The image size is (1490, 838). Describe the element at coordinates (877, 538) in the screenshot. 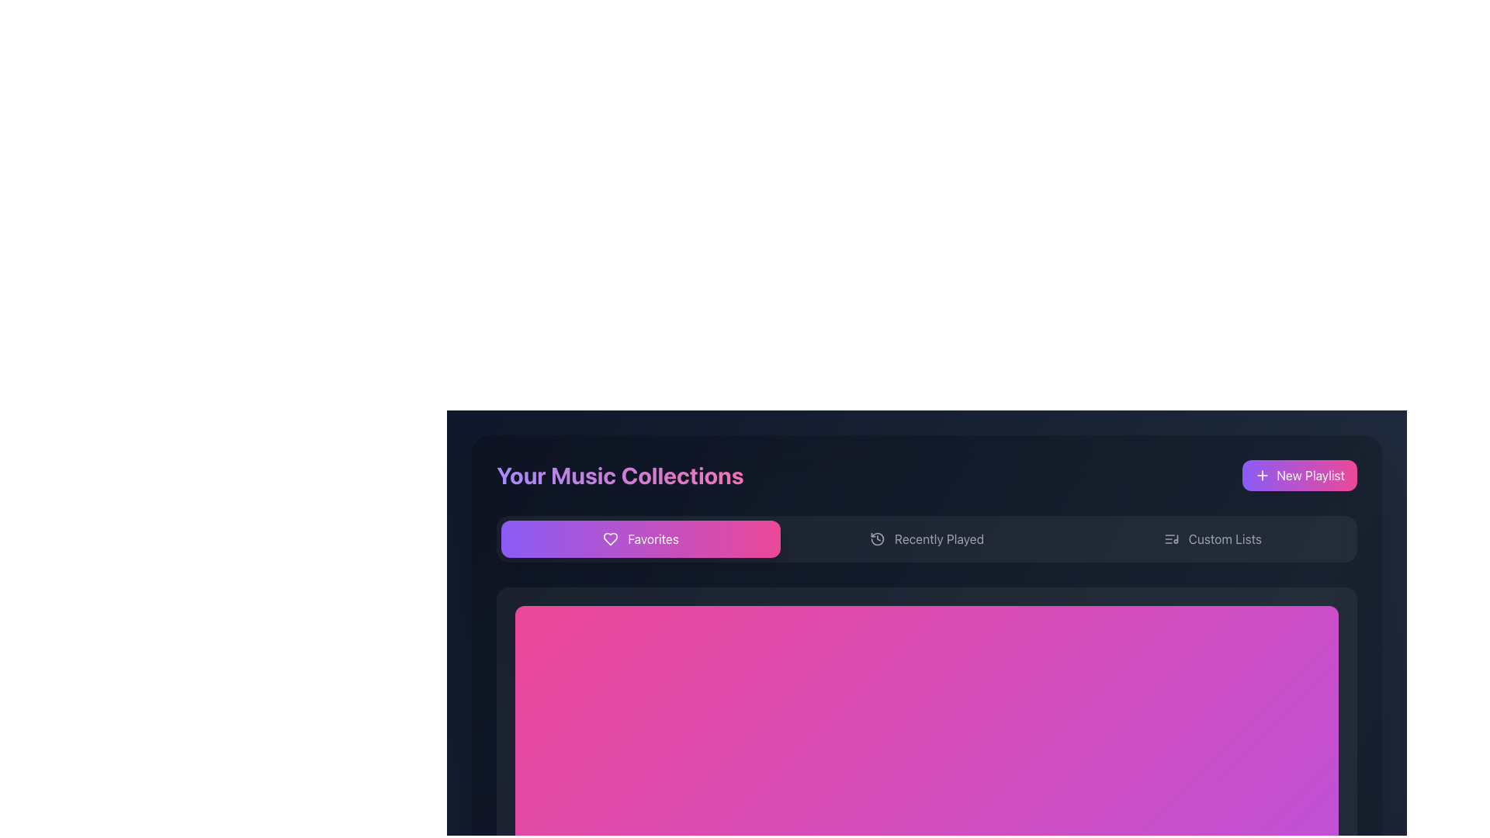

I see `the 'Recently Played' icon, which is the first item in the 'Recently Played' section, located between the 'Favorites' button and the 'Recently Played' text label` at that location.